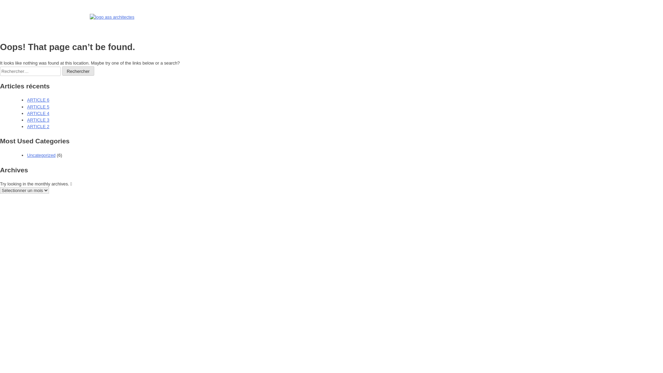  I want to click on 'ARTICLE 2', so click(38, 126).